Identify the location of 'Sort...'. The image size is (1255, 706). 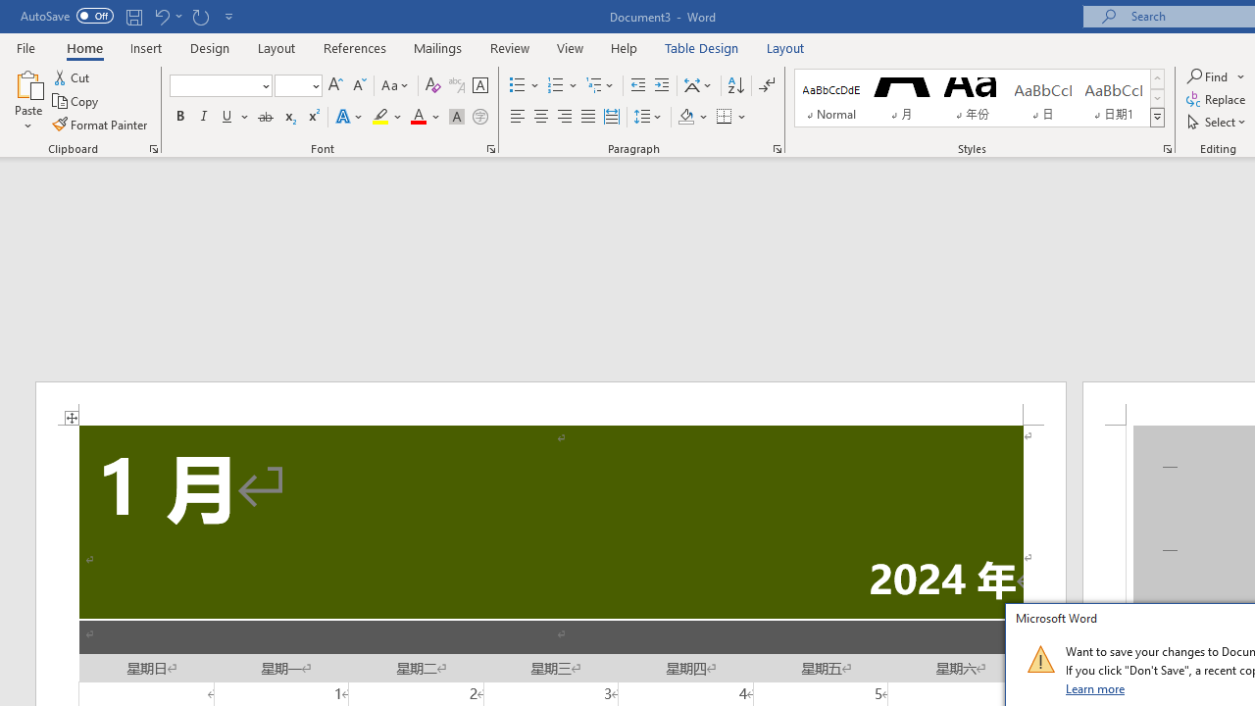
(734, 84).